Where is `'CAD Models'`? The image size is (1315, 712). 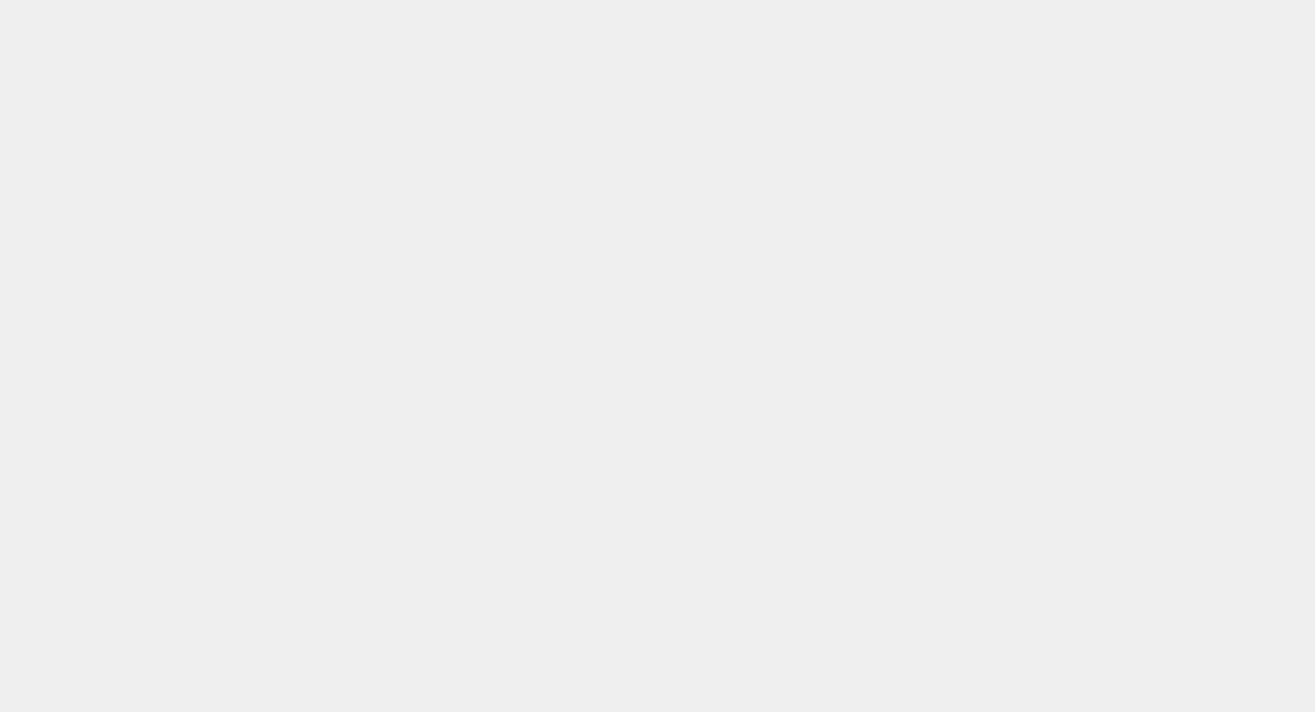 'CAD Models' is located at coordinates (803, 32).